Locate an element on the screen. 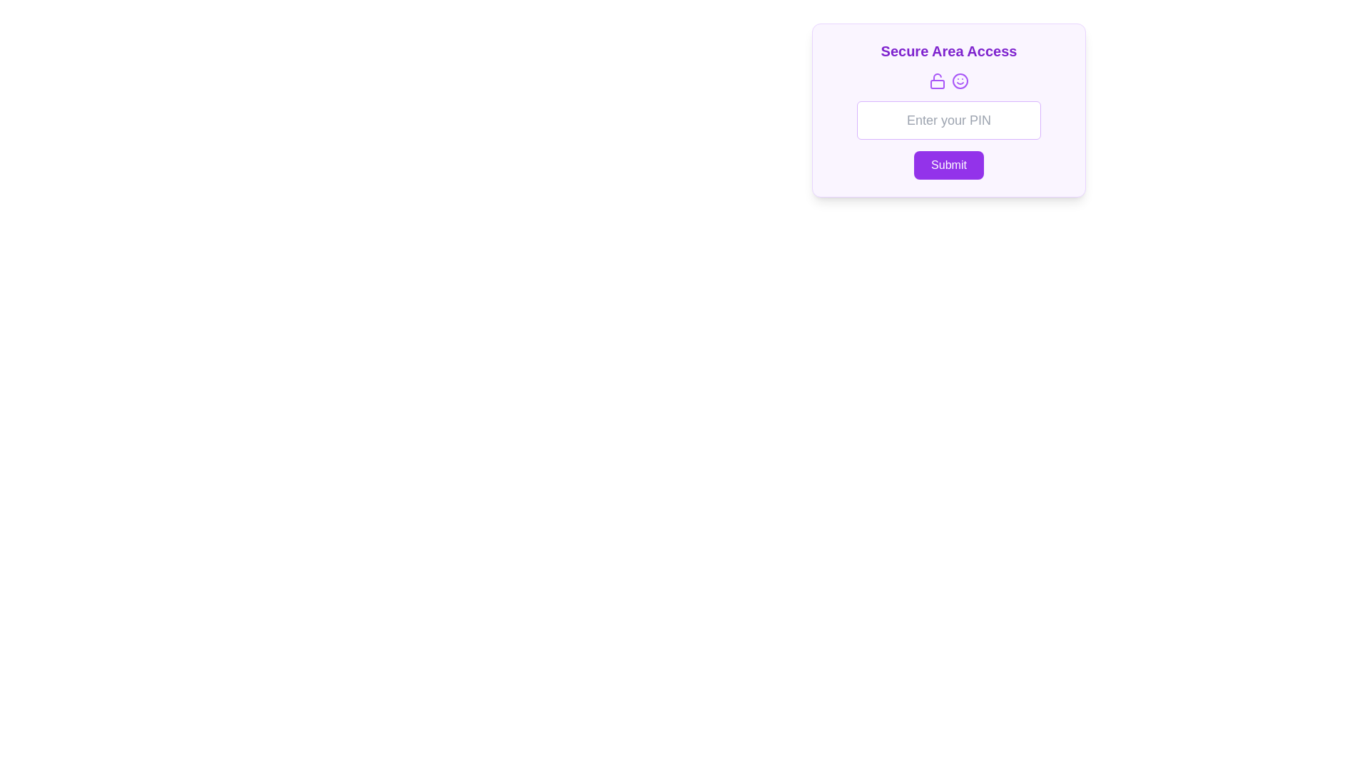 Image resolution: width=1369 pixels, height=770 pixels. the decorative icon positioned in the right section of the header for 'Secure Area Access', which is the second icon to the right of the lock-shaped icon is located at coordinates (960, 81).